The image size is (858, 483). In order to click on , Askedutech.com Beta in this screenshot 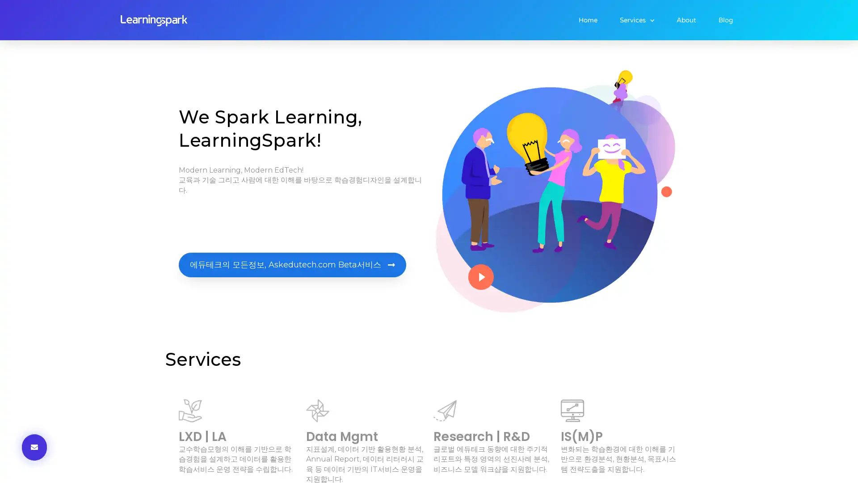, I will do `click(292, 264)`.